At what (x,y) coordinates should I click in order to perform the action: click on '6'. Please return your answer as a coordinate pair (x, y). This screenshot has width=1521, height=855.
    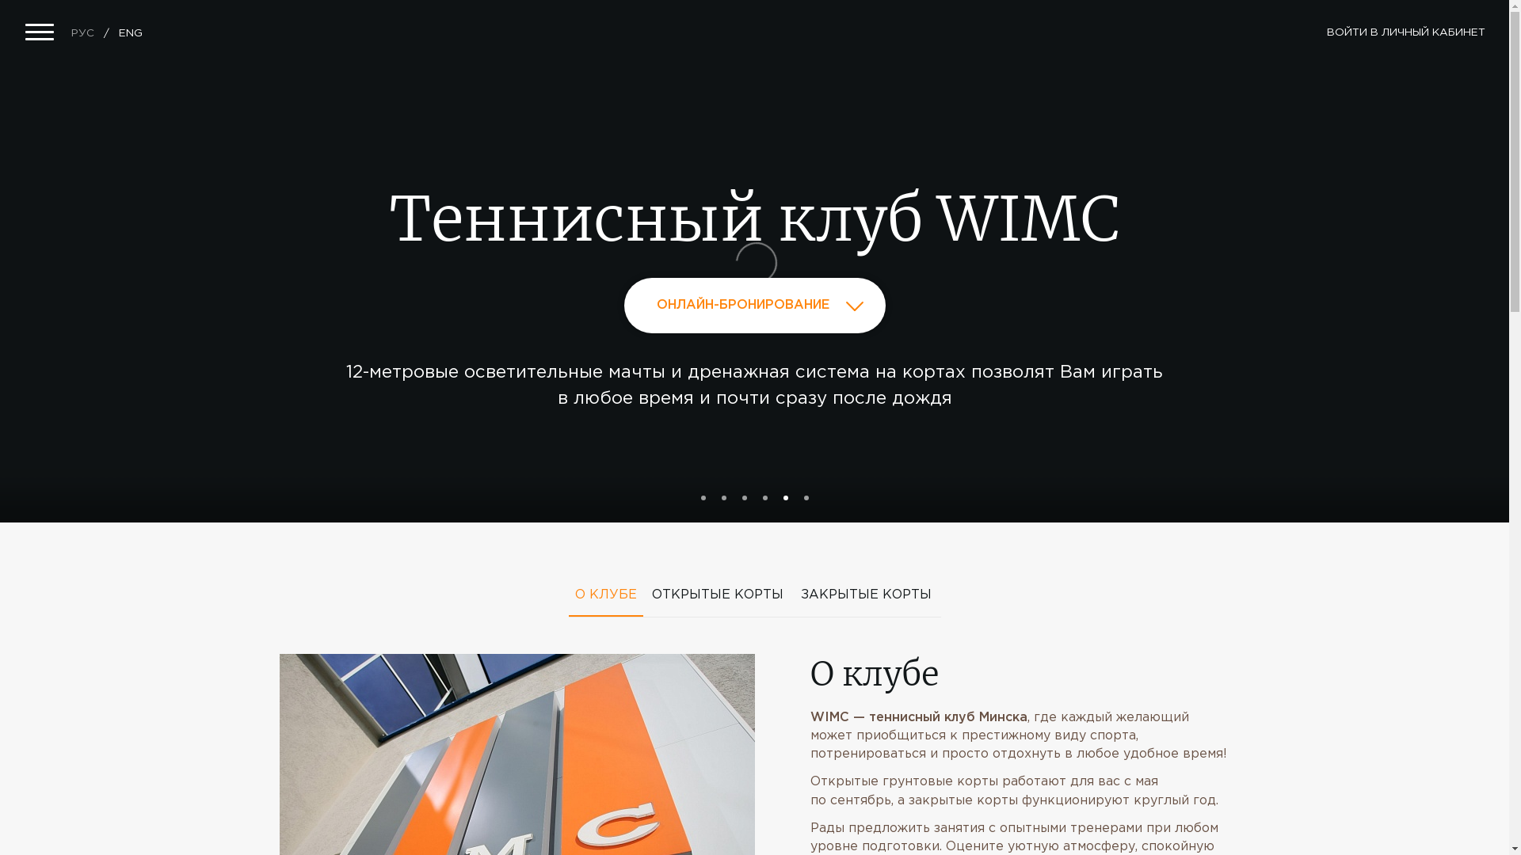
    Looking at the image, I should click on (806, 496).